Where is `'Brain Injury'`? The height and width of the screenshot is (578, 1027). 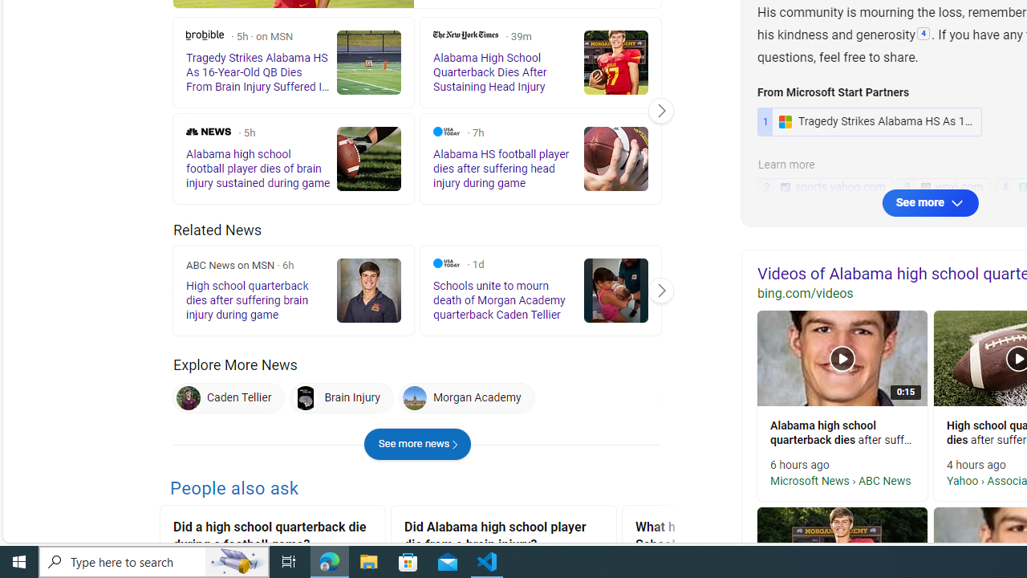
'Brain Injury' is located at coordinates (341, 397).